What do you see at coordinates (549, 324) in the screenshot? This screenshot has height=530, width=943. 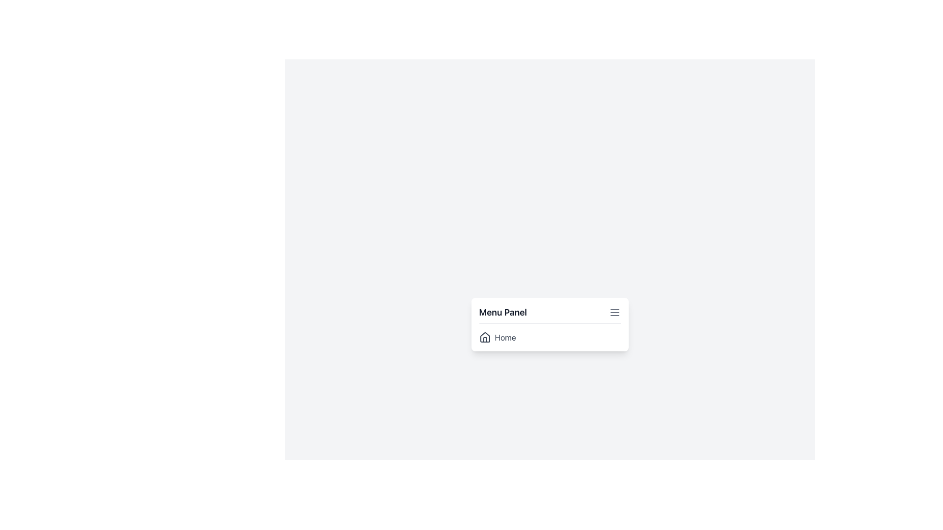 I see `the Menu Panel` at bounding box center [549, 324].